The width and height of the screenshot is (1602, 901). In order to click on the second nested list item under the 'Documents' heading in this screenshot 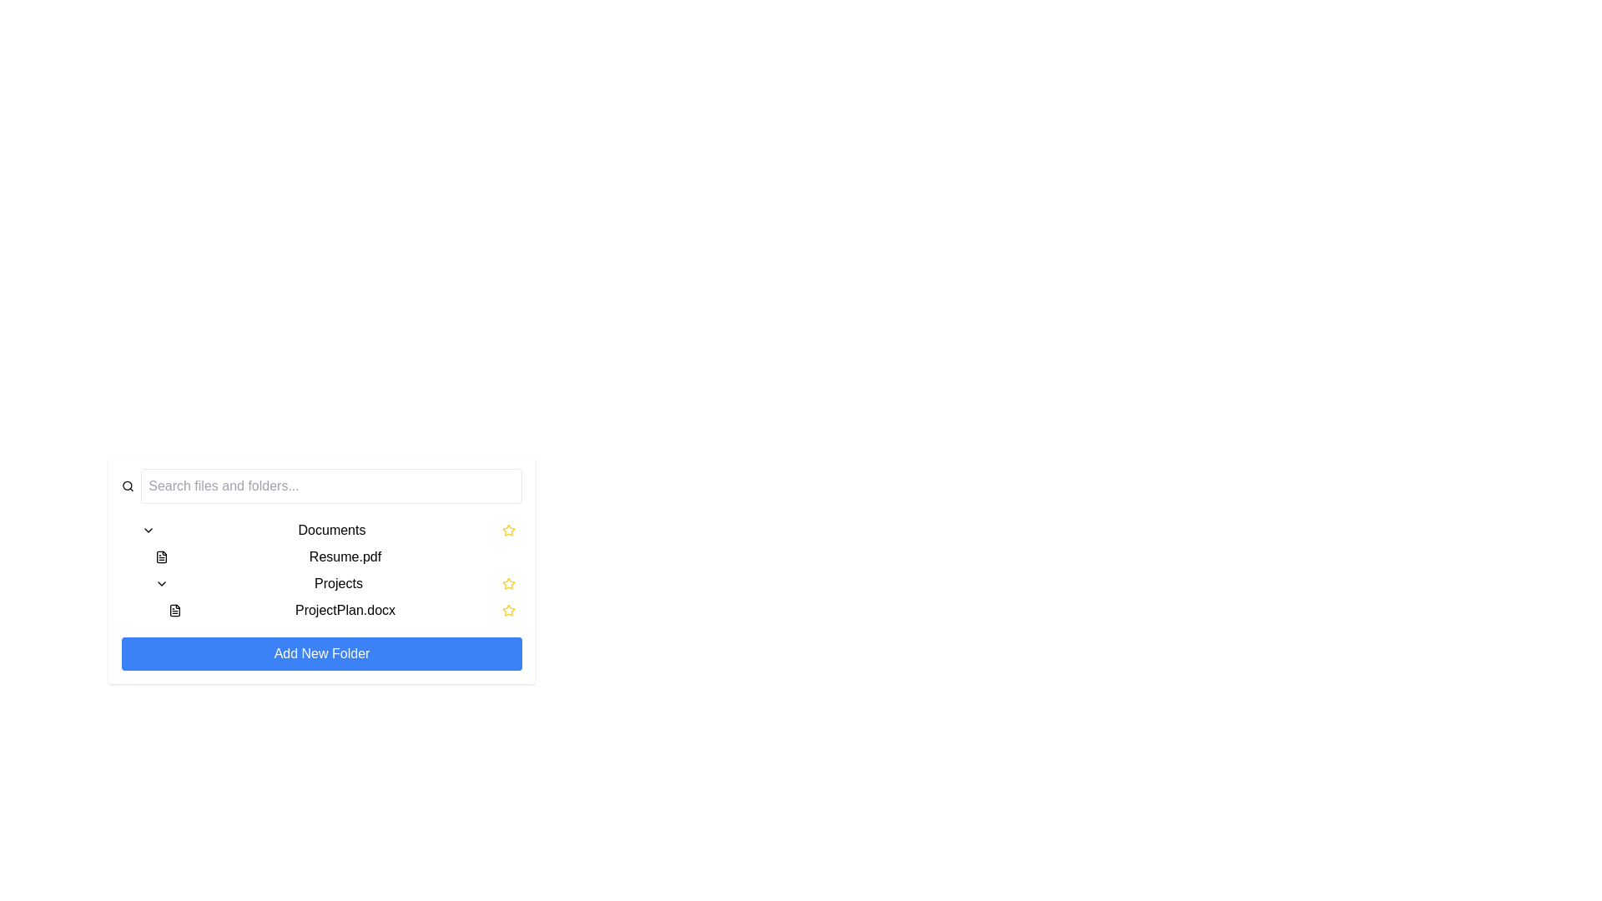, I will do `click(328, 569)`.